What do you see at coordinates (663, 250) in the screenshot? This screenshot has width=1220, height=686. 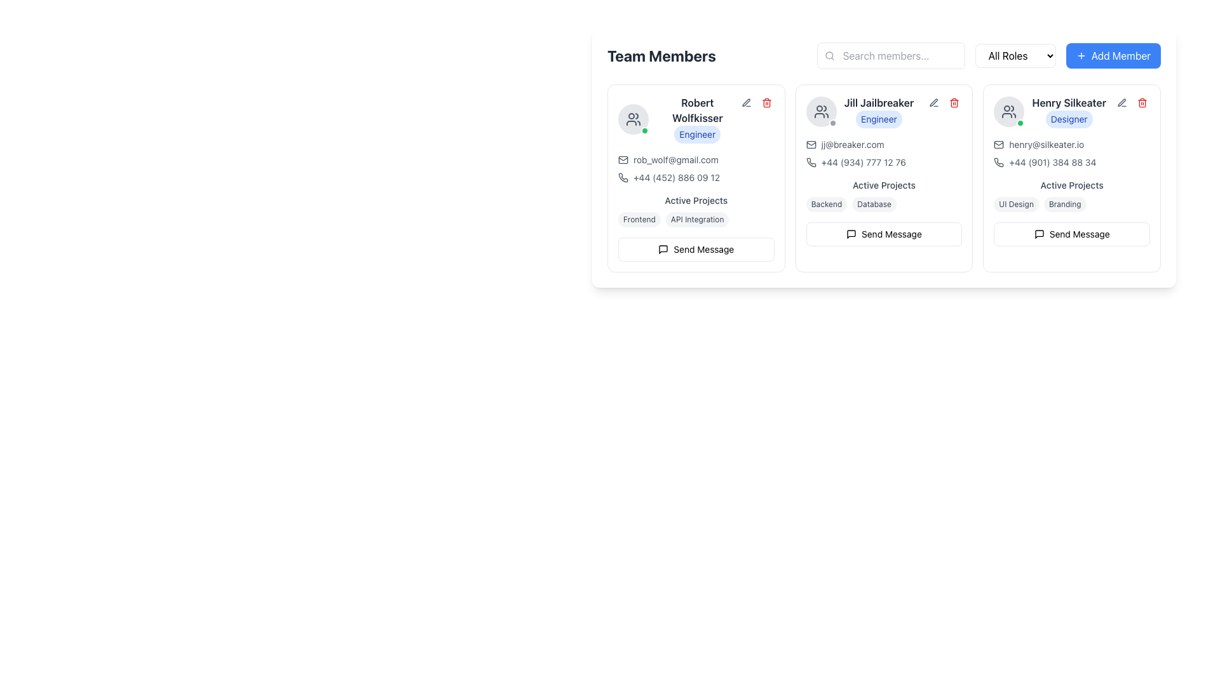 I see `the messaging icon located to the left of the 'Send Message' label within the button, which indicates the functionality to send a message to a team member` at bounding box center [663, 250].